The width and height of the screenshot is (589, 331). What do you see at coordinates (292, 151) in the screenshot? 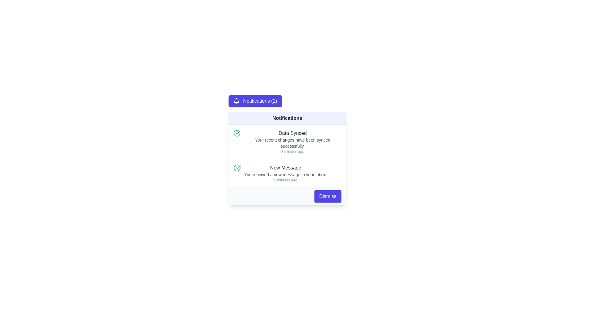
I see `the Text Label displaying '2 minutes ago', which is styled in a small gray font and positioned beneath the notification titled 'Data Synced'` at bounding box center [292, 151].